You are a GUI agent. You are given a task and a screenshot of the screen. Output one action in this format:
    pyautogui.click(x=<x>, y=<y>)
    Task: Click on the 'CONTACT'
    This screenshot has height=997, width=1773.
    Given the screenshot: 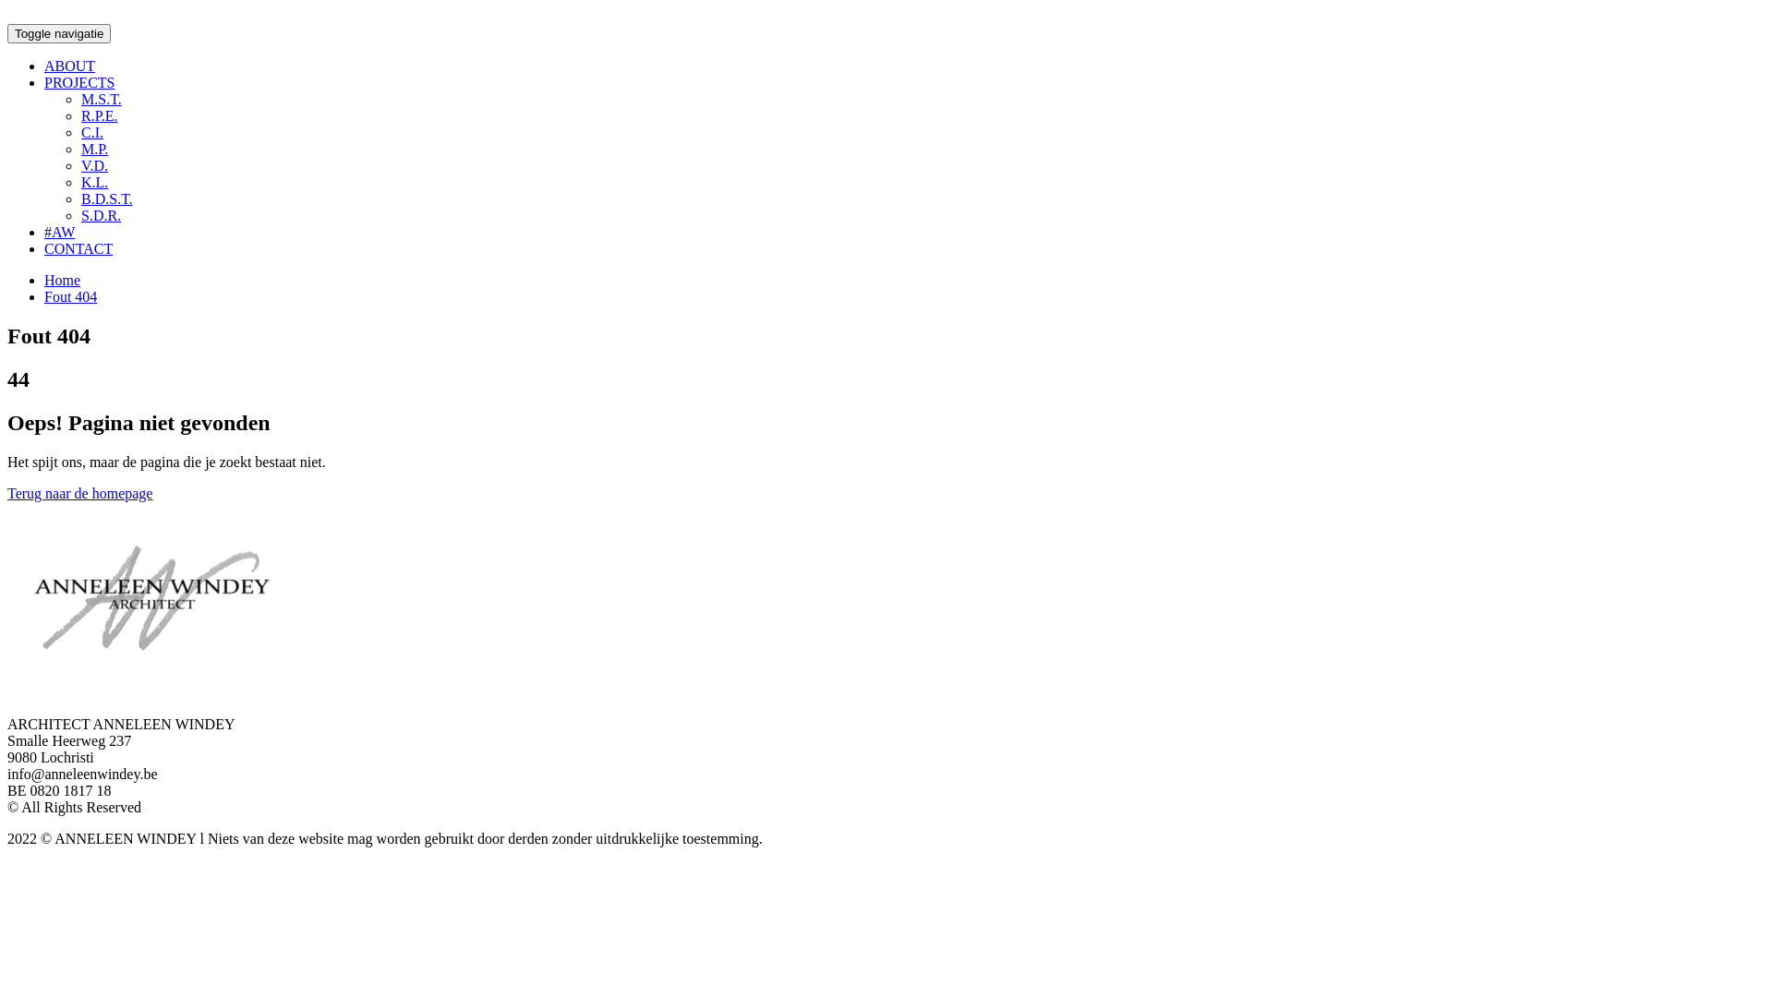 What is the action you would take?
    pyautogui.click(x=78, y=247)
    